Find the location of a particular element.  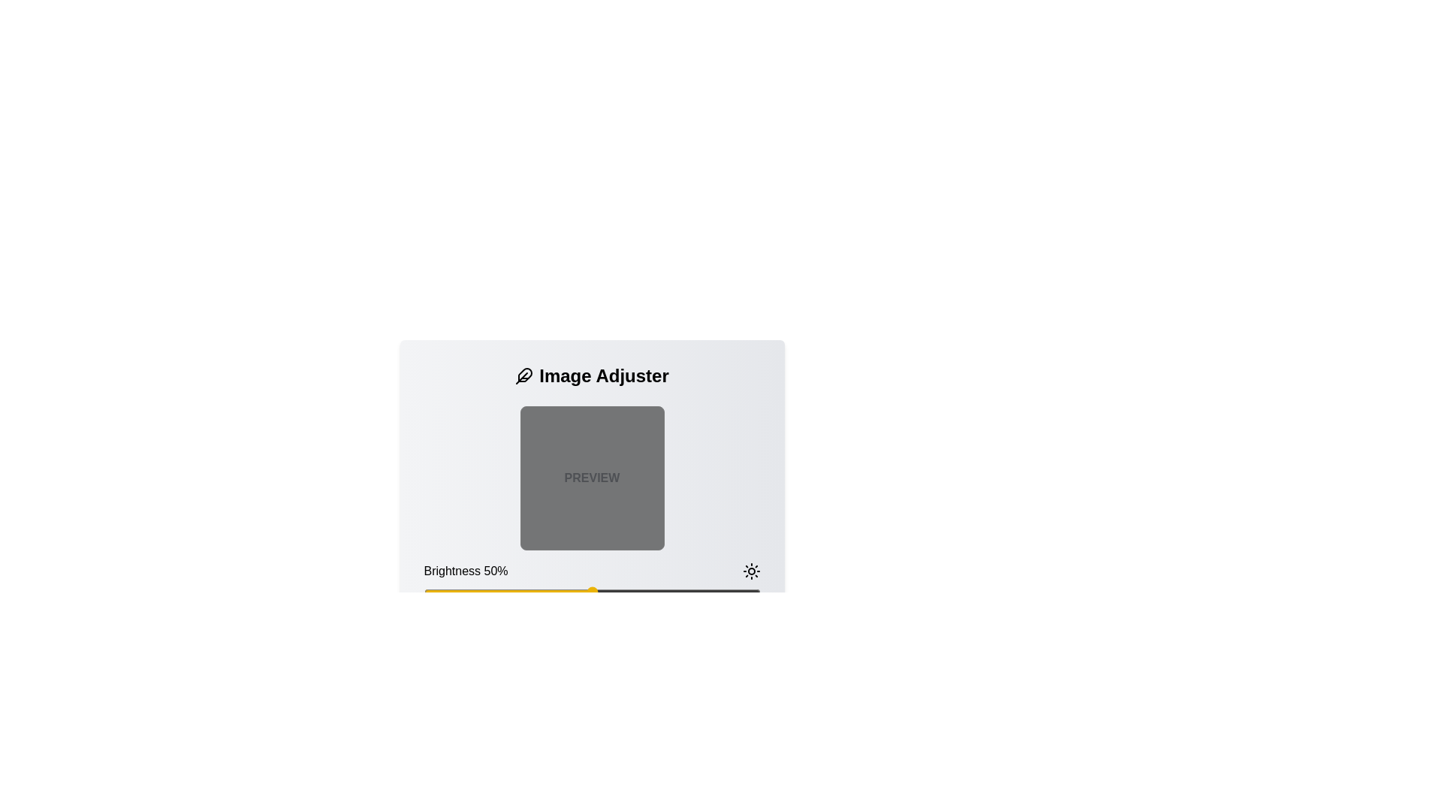

the feather icon located to the left of the 'Image Adjuster' text, which represents features like lightness and editing is located at coordinates (524, 375).